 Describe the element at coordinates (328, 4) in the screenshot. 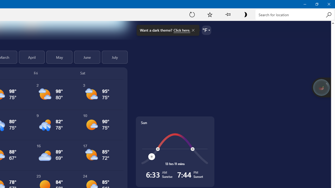

I see `'Close Weather'` at that location.